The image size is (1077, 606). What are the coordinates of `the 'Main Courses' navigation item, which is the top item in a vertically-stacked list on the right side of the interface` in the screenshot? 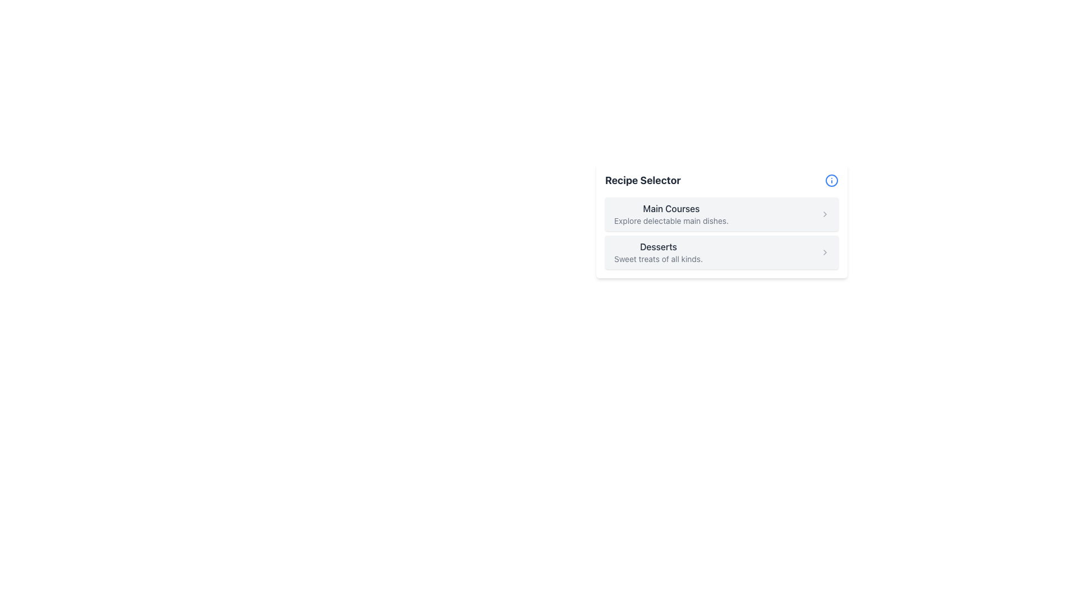 It's located at (721, 214).